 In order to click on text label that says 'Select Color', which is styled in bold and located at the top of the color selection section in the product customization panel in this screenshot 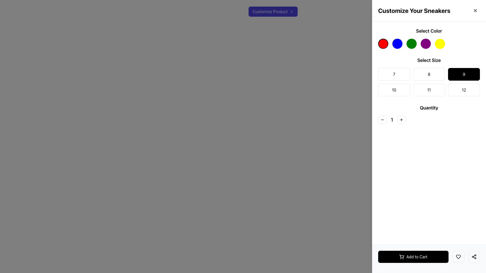, I will do `click(429, 31)`.